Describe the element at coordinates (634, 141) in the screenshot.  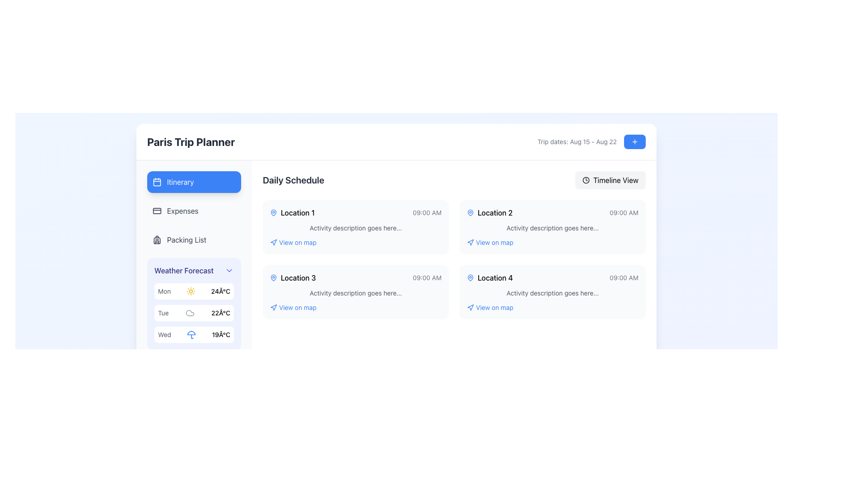
I see `the blue rectangular button with rounded corners located to the far right of the header section containing the text 'Trip dates: Aug 15 - Aug 22'` at that location.